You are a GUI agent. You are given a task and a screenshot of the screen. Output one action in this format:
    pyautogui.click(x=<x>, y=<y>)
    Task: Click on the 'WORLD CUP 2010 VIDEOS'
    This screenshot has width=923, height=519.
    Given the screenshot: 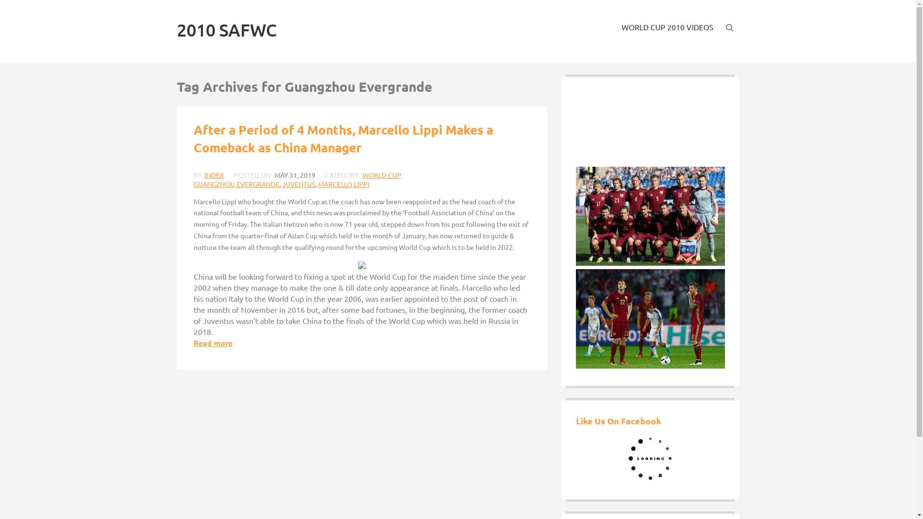 What is the action you would take?
    pyautogui.click(x=613, y=26)
    